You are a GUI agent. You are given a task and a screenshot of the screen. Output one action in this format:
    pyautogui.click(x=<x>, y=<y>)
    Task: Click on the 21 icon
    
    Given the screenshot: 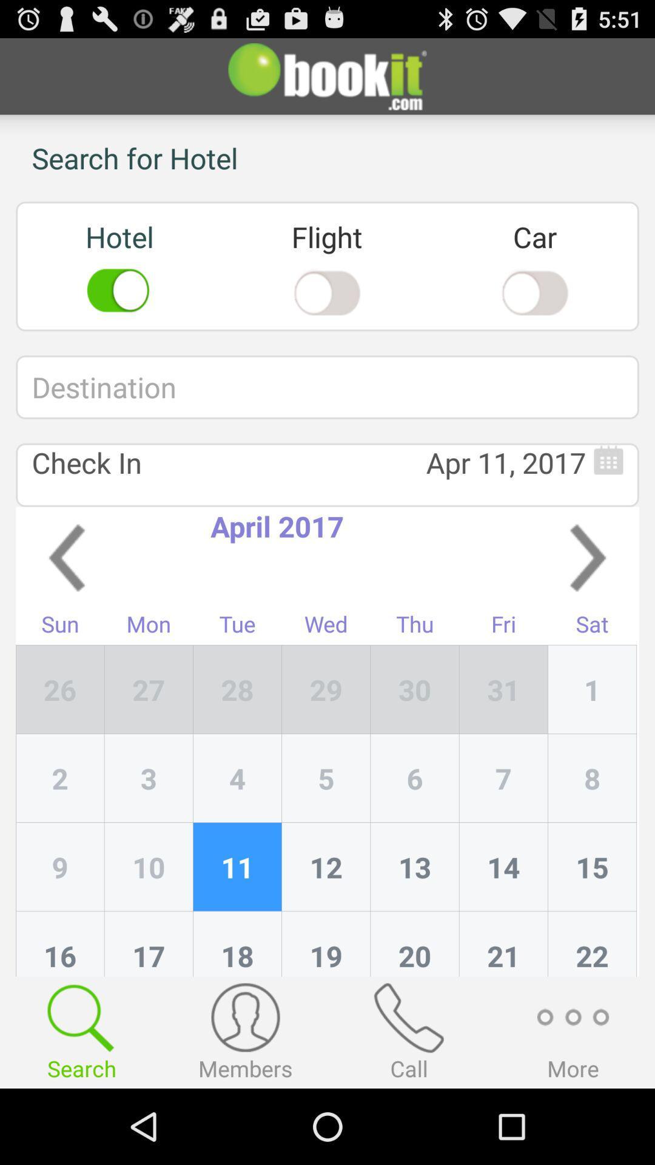 What is the action you would take?
    pyautogui.click(x=503, y=943)
    